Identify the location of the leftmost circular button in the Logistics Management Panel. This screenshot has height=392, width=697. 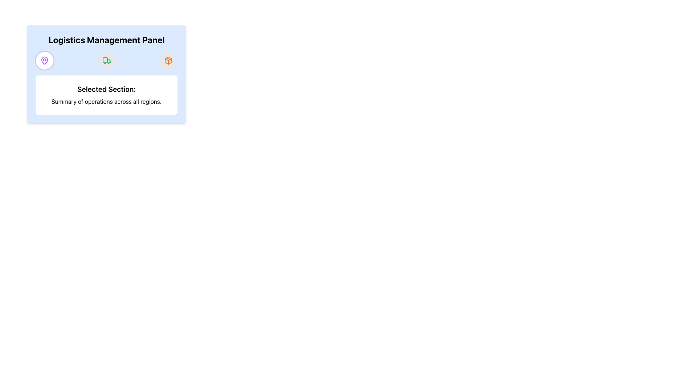
(44, 60).